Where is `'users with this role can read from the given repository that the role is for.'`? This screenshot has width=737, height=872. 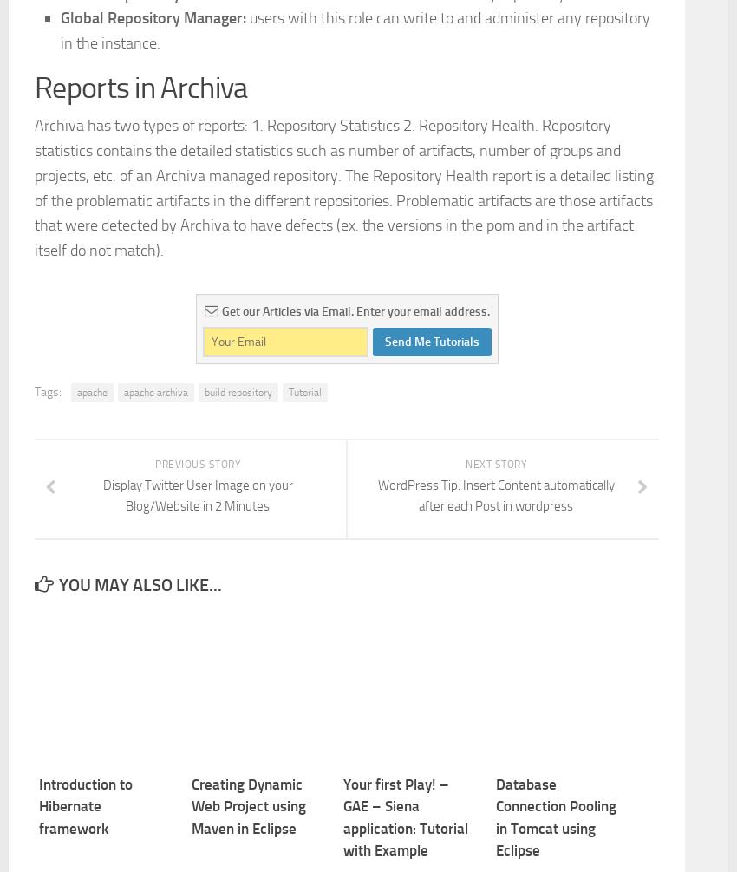
'users with this role can read from the given repository that the role is for.' is located at coordinates (355, 148).